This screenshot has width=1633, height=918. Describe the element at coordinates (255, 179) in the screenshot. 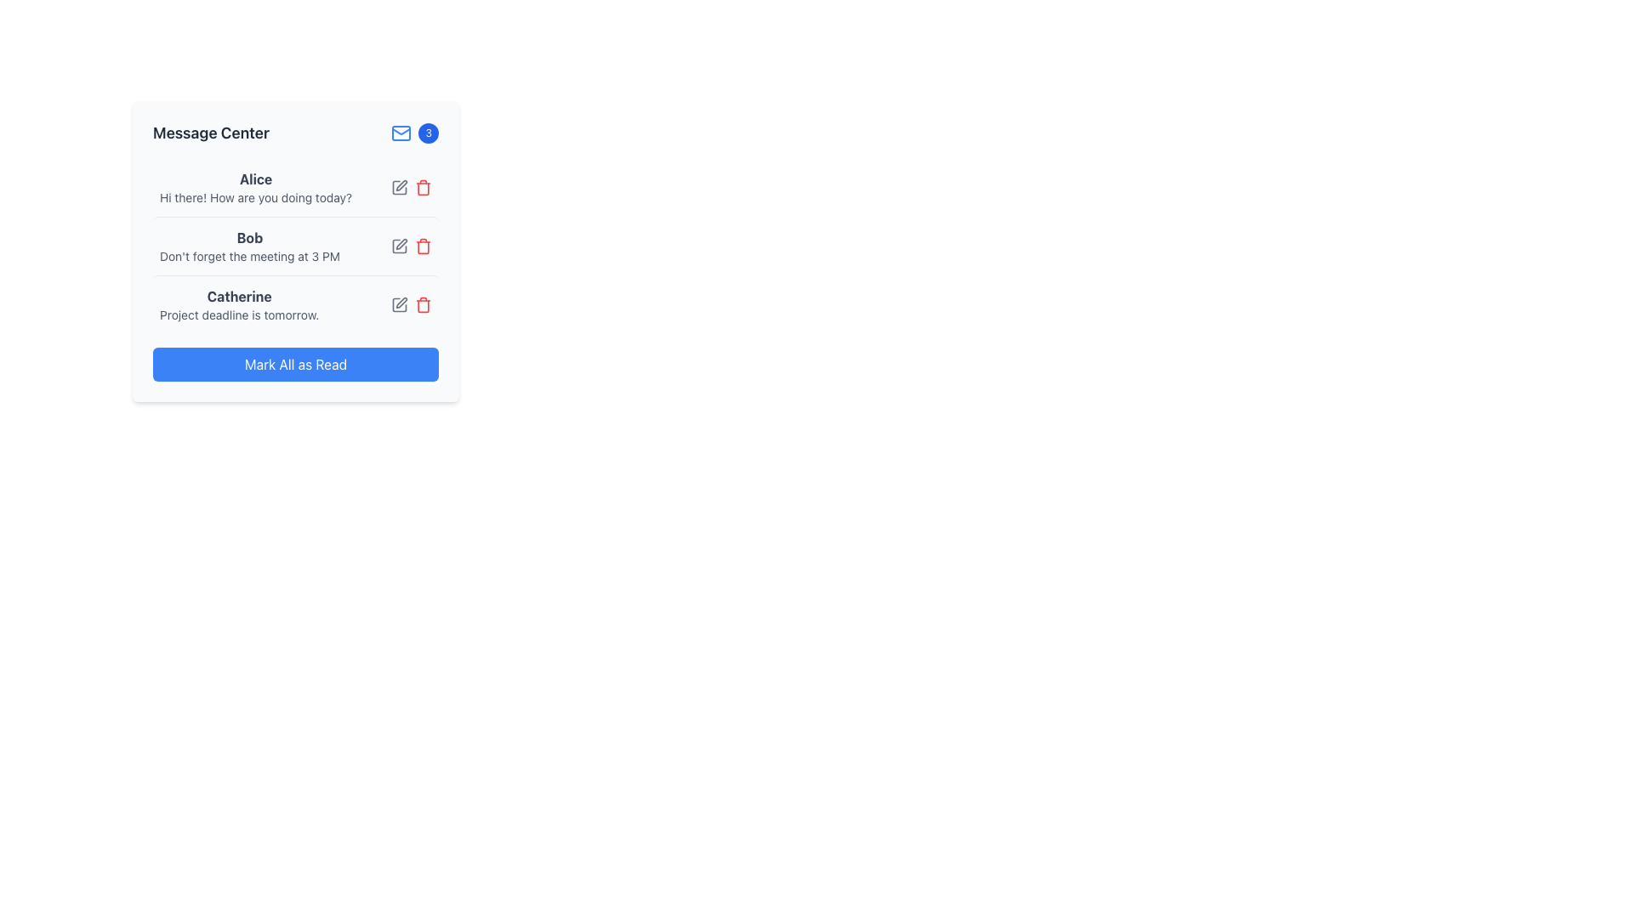

I see `text from the bold, dark gray text label displaying 'Alice', which is located at the top of the message list` at that location.